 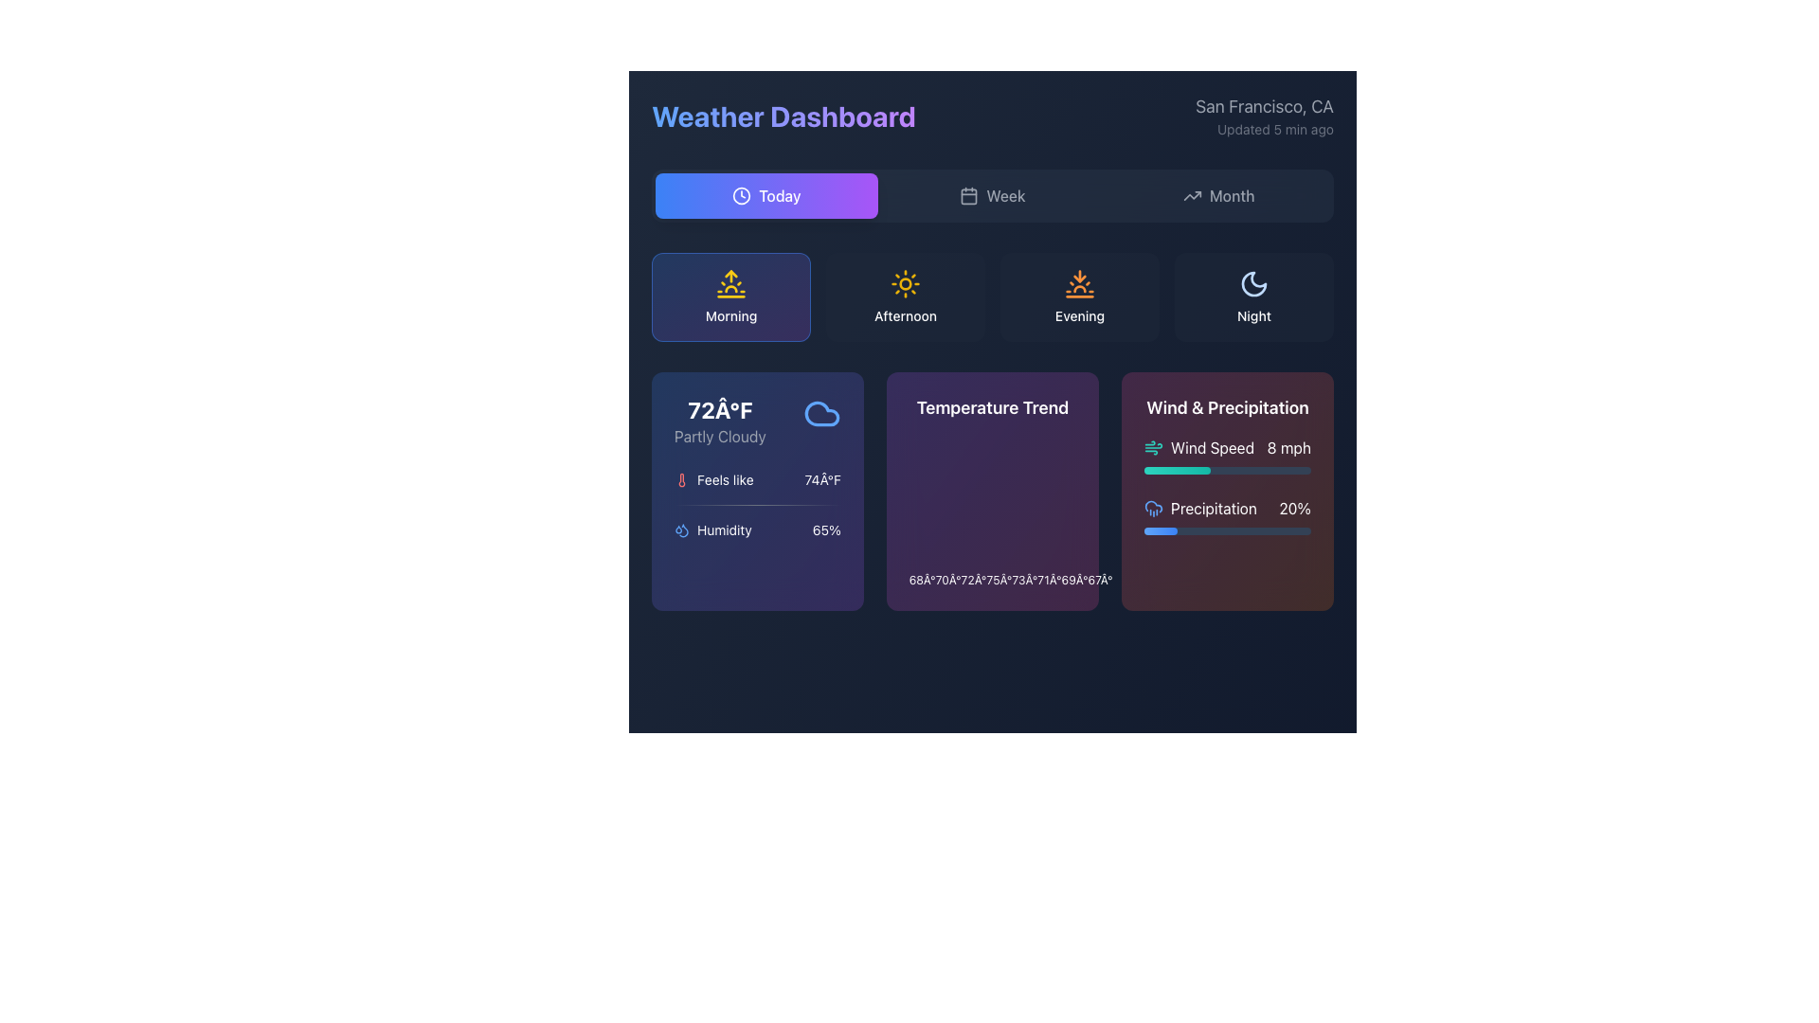 I want to click on the label with an icon that identifies the humidity information in the weather details card located at the bottom-left corner of the card, so click(x=711, y=529).